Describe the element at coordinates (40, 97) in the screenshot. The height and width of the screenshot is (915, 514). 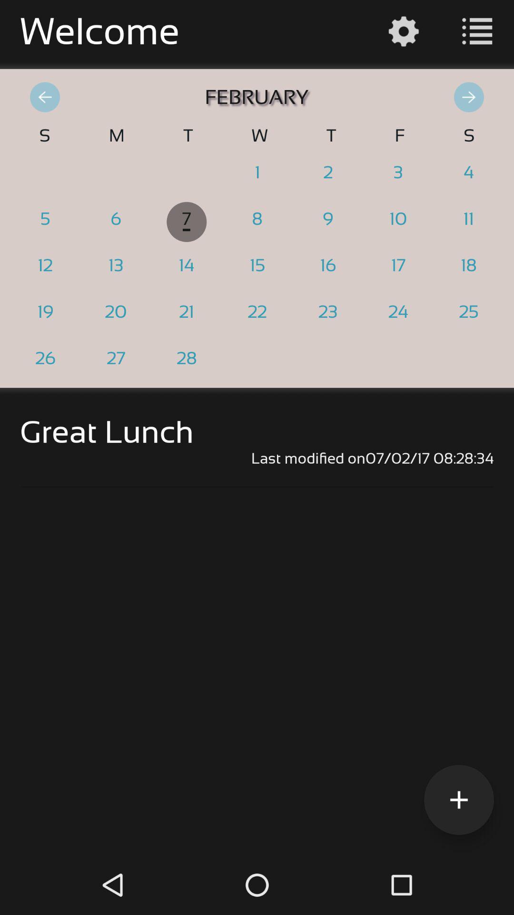
I see `the arrow_backward icon` at that location.